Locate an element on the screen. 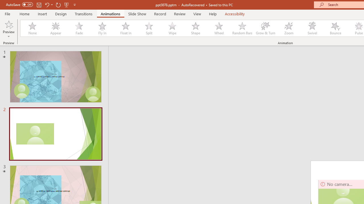 This screenshot has height=204, width=364. 'File Tab' is located at coordinates (7, 13).